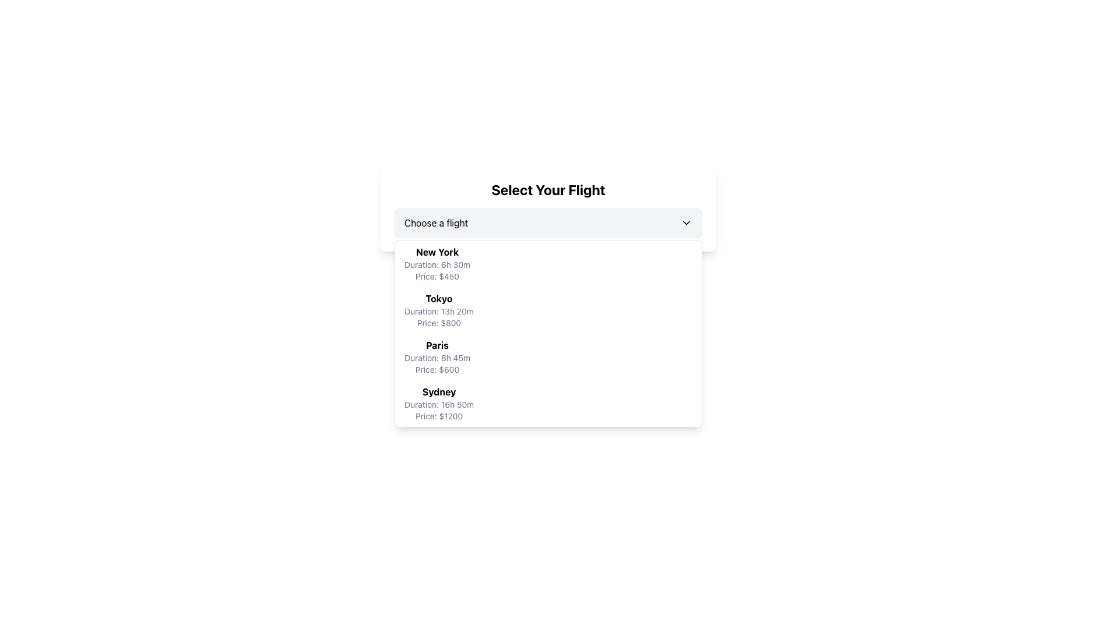 The width and height of the screenshot is (1119, 629). I want to click on the 'Tokyo' text label, which is the second option in the dropdown list of flight destinations, positioned between 'New York' and 'Paris', so click(438, 298).